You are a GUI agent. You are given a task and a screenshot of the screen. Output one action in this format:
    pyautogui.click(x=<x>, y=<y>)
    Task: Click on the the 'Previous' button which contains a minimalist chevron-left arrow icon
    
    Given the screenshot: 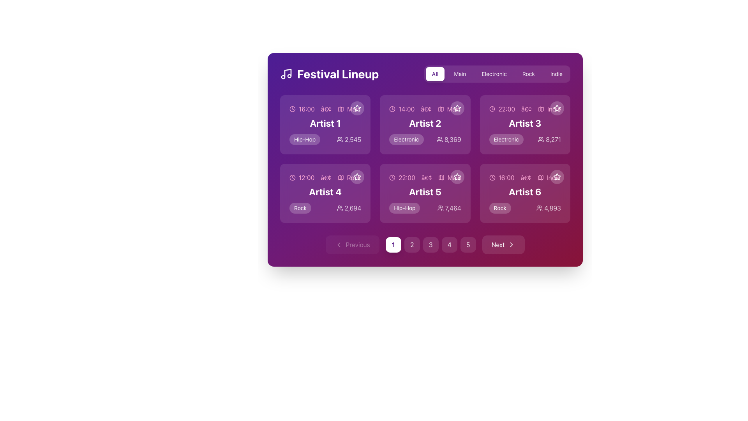 What is the action you would take?
    pyautogui.click(x=339, y=244)
    